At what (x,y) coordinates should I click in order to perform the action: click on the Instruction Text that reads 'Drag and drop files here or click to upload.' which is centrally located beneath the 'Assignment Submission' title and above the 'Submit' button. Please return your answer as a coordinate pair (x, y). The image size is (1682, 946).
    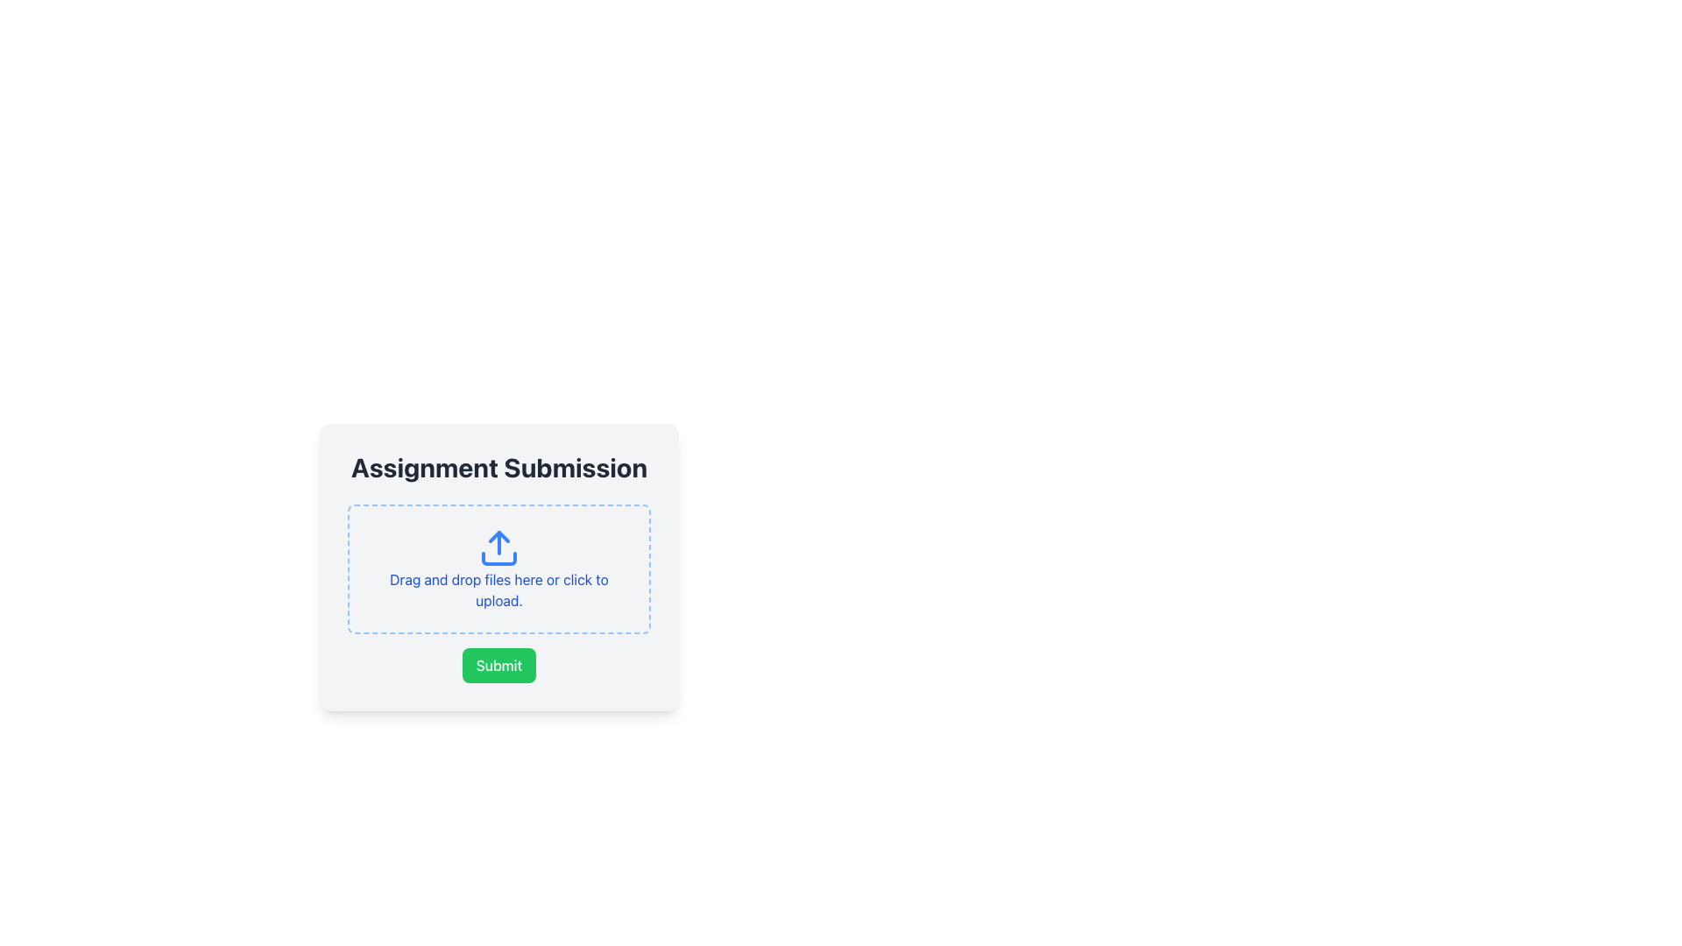
    Looking at the image, I should click on (498, 590).